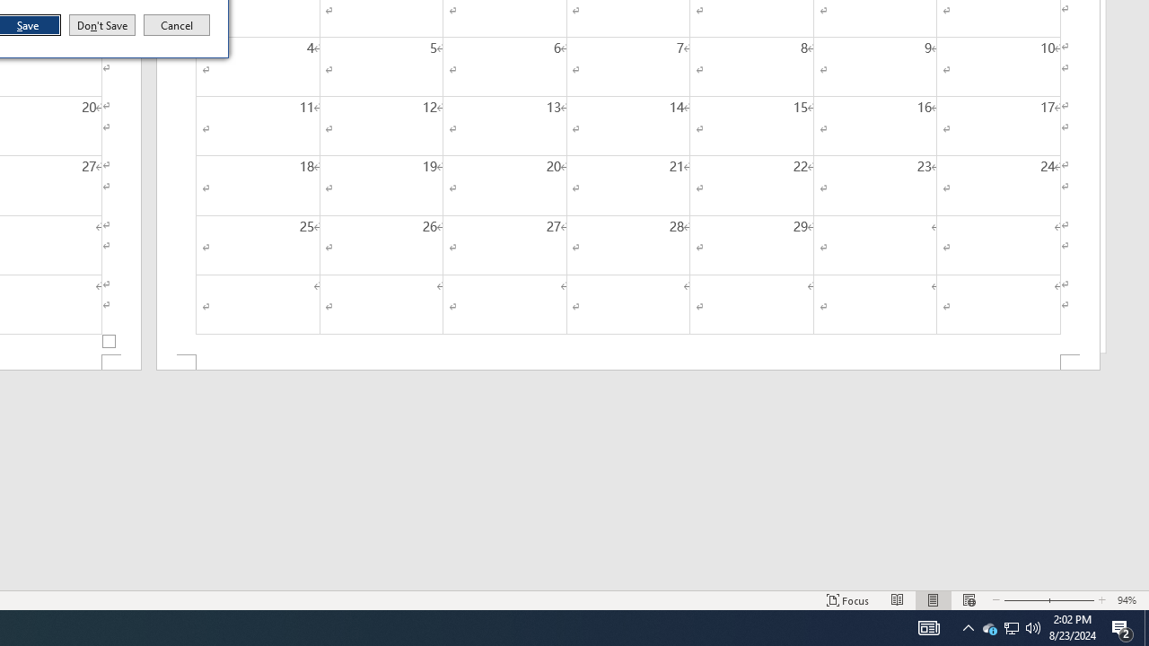  I want to click on 'Cancel', so click(177, 25).